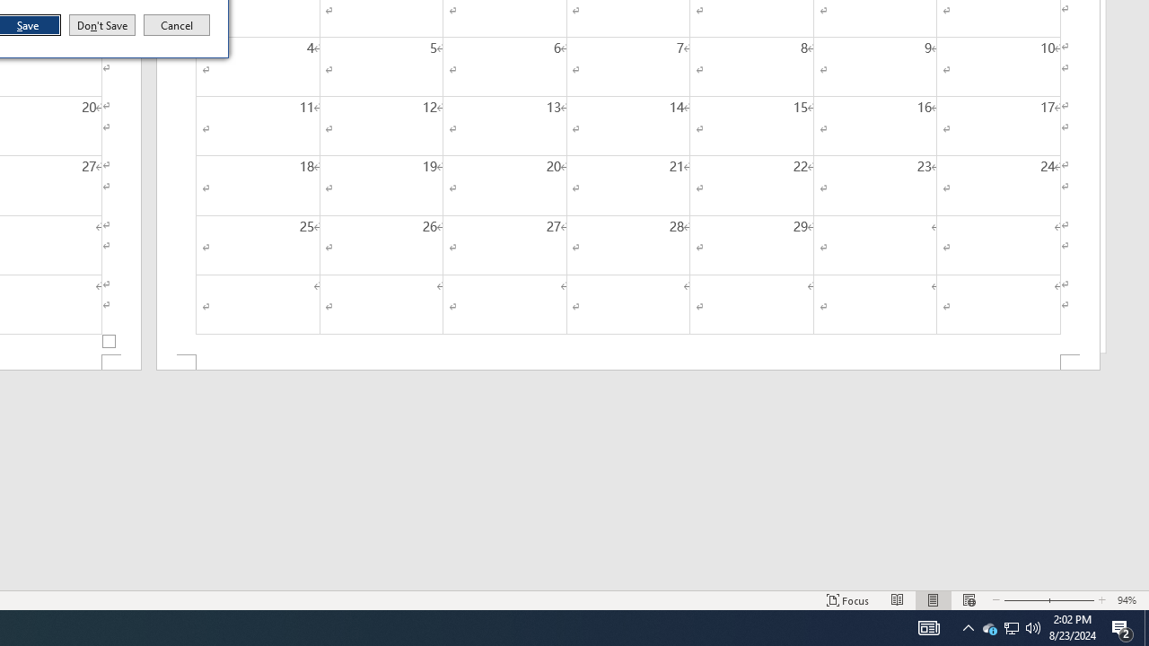  I want to click on 'Cancel', so click(177, 25).